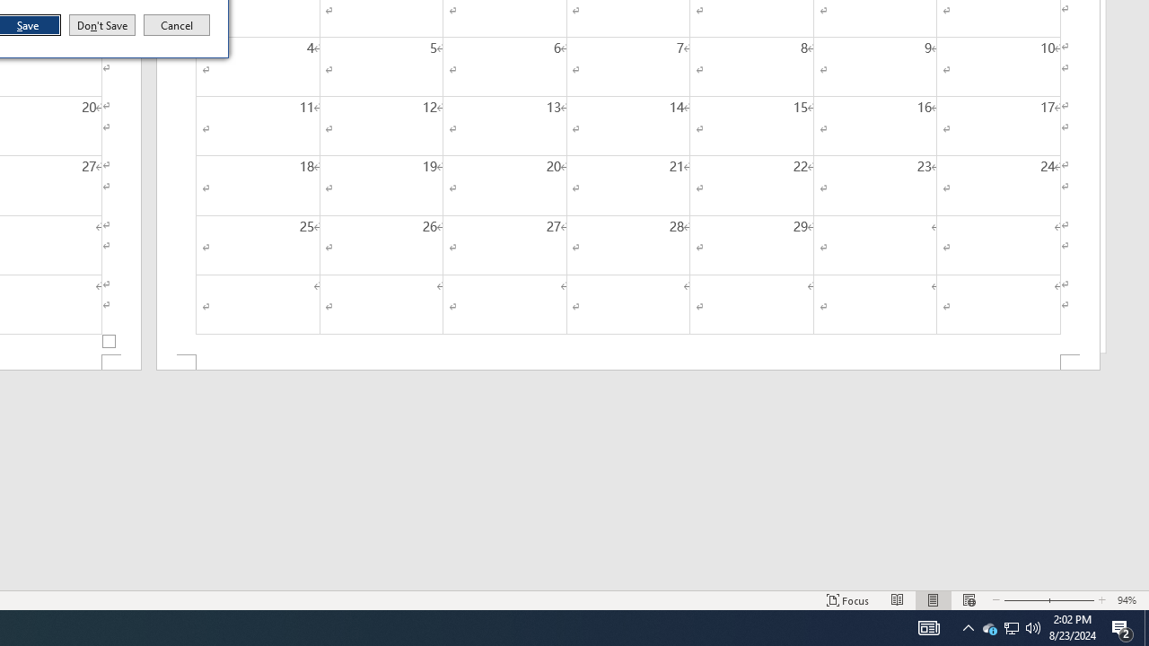  I want to click on 'Cancel', so click(177, 25).